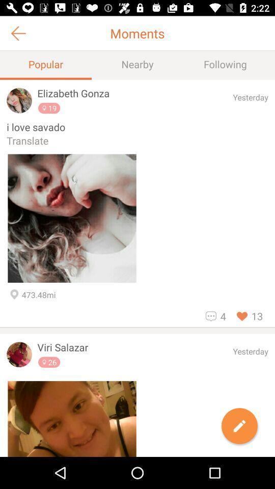 This screenshot has height=489, width=275. I want to click on the avatar icon, so click(19, 100).